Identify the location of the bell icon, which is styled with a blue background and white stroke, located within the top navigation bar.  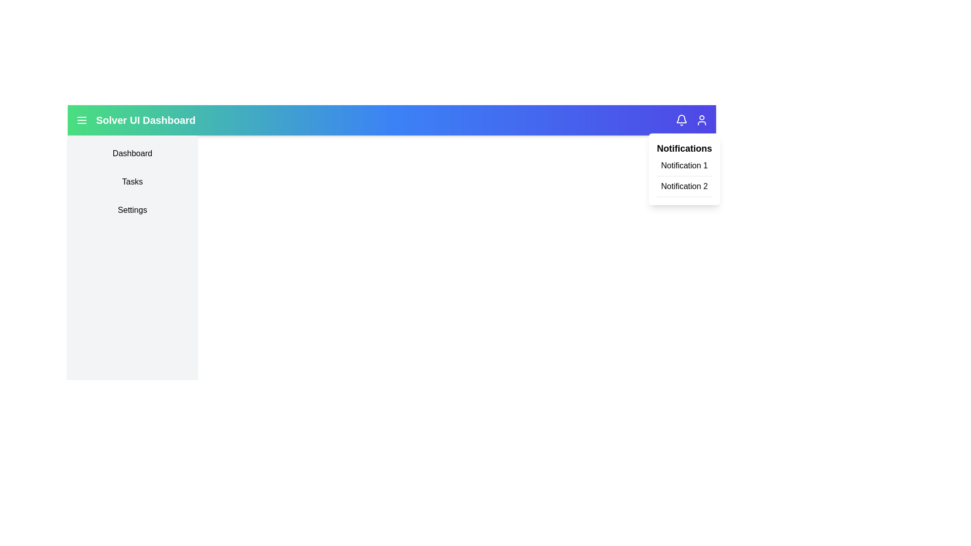
(682, 120).